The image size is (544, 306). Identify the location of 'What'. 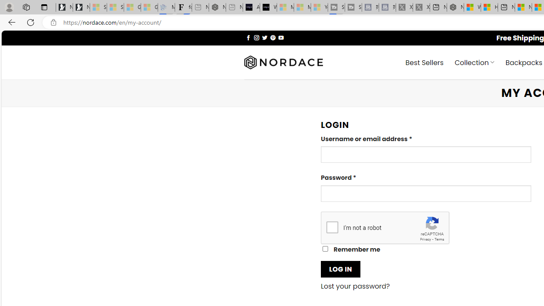
(268, 7).